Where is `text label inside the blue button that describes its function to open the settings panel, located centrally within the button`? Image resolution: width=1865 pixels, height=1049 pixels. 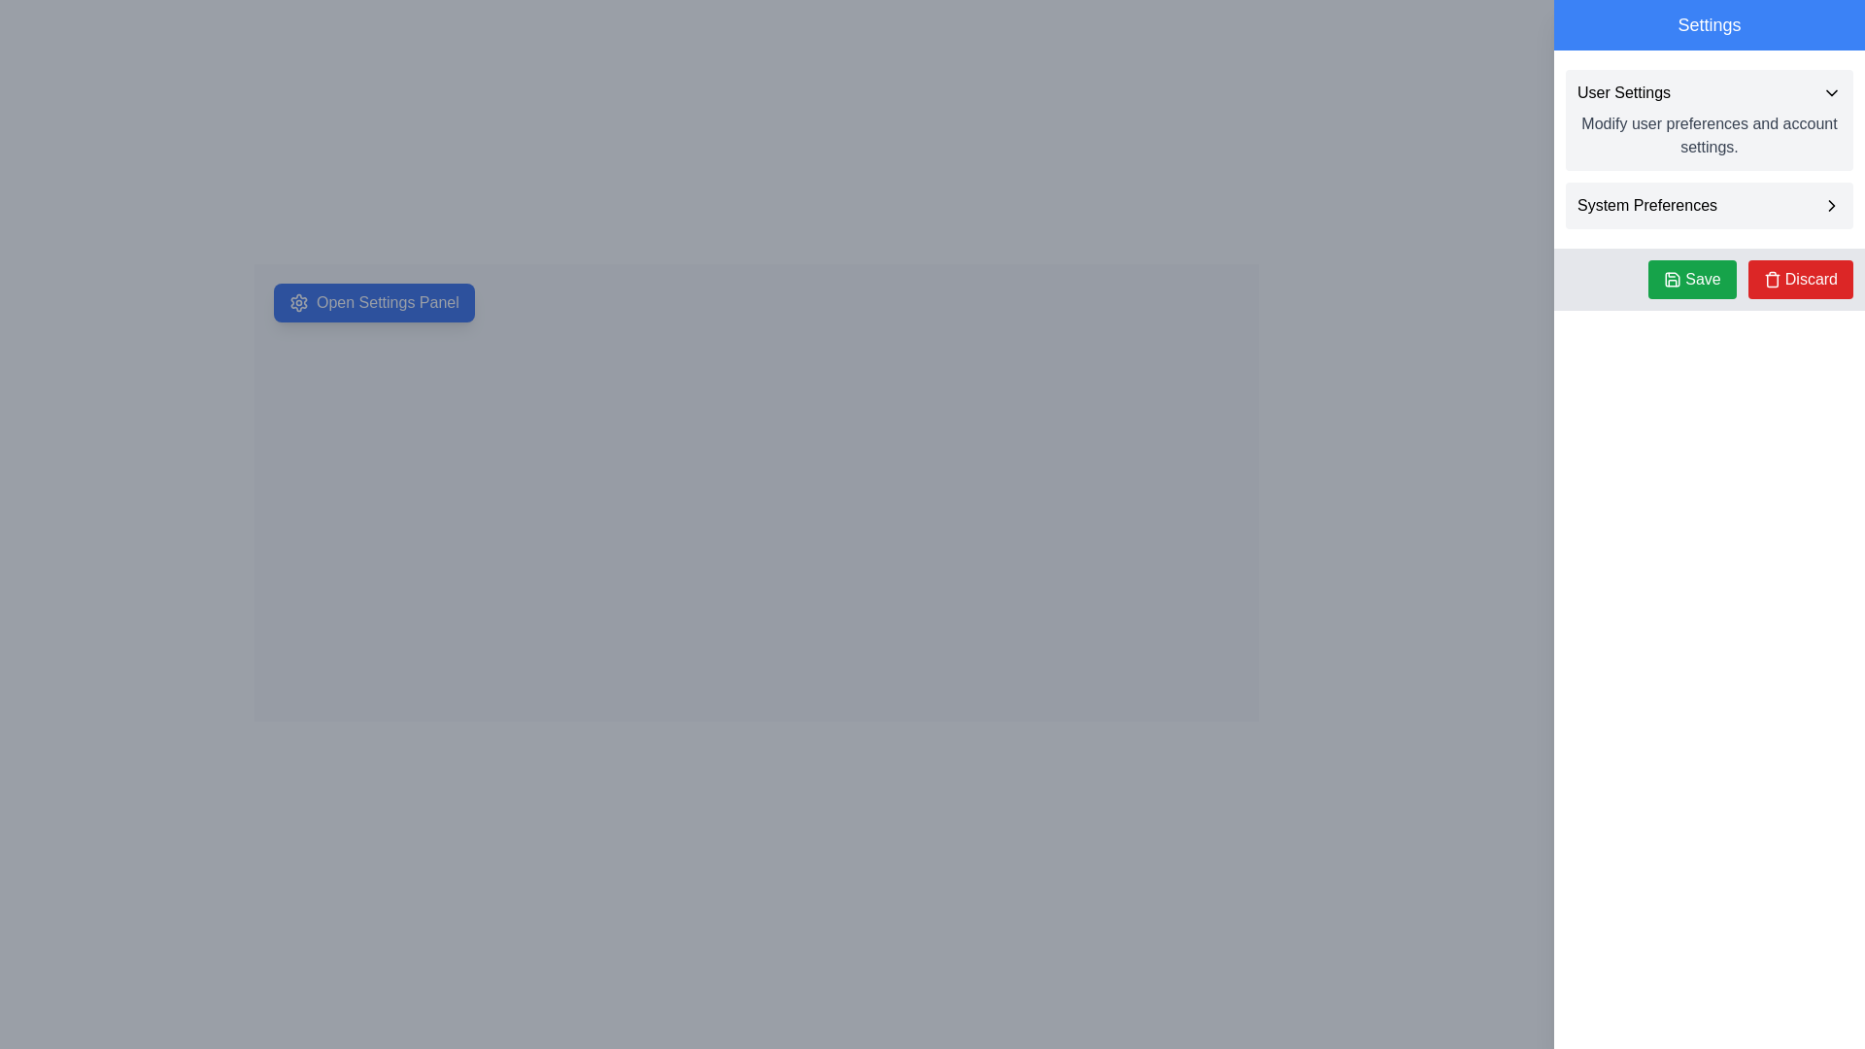
text label inside the blue button that describes its function to open the settings panel, located centrally within the button is located at coordinates (388, 303).